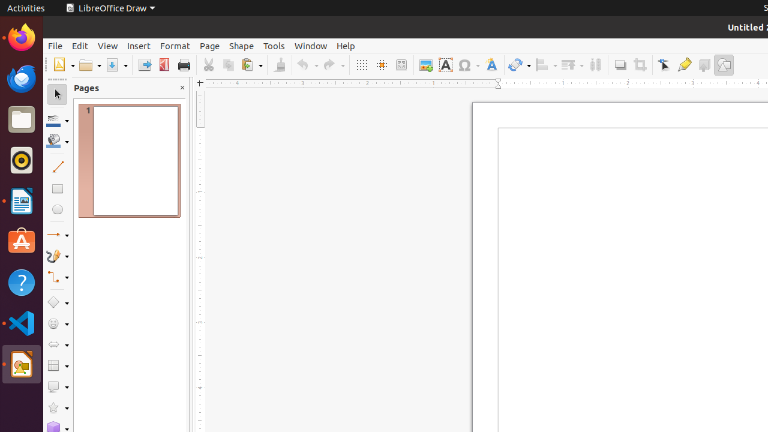  I want to click on 'Save', so click(116, 65).